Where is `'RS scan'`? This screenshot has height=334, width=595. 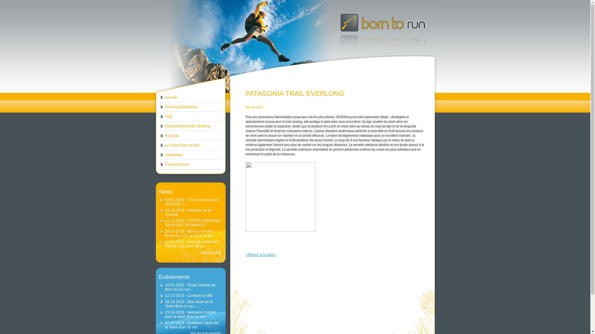 'RS scan' is located at coordinates (159, 135).